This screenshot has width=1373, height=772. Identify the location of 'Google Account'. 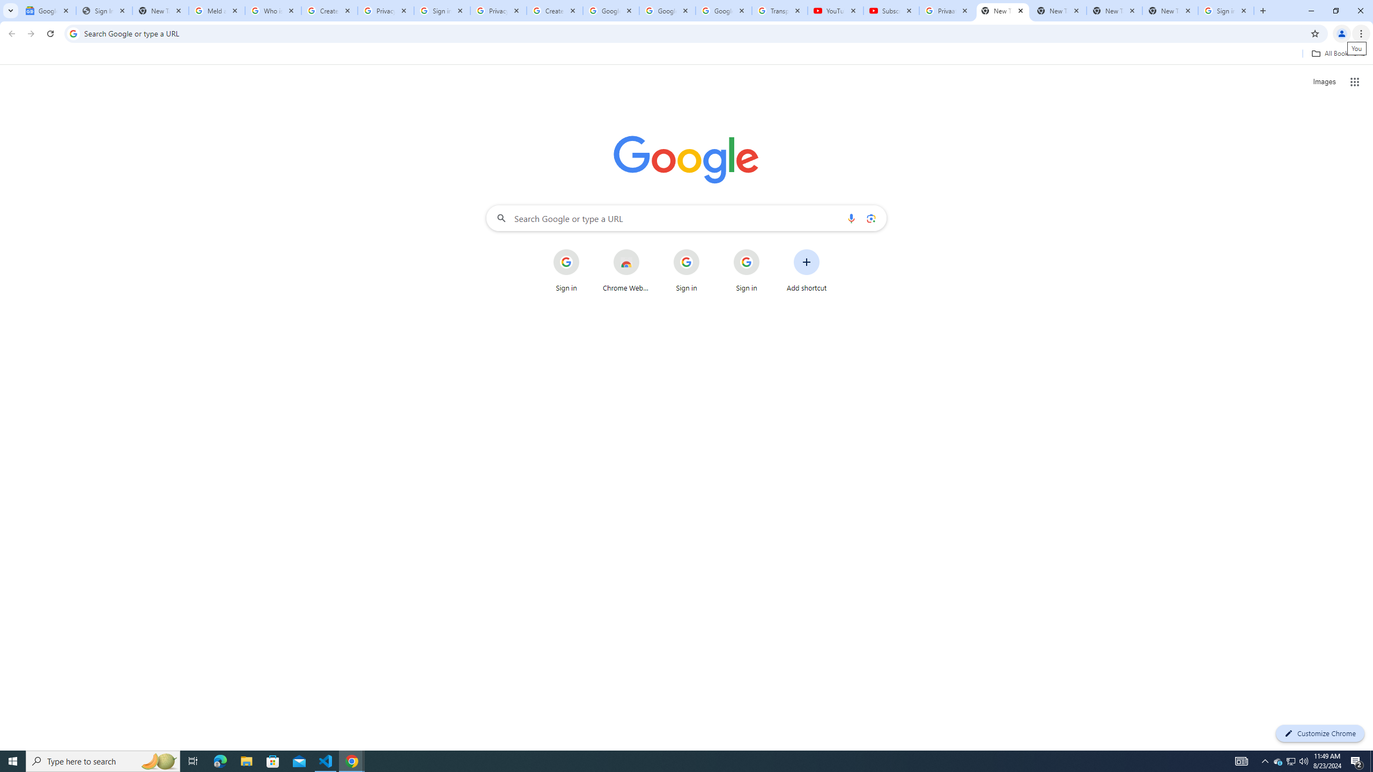
(724, 10).